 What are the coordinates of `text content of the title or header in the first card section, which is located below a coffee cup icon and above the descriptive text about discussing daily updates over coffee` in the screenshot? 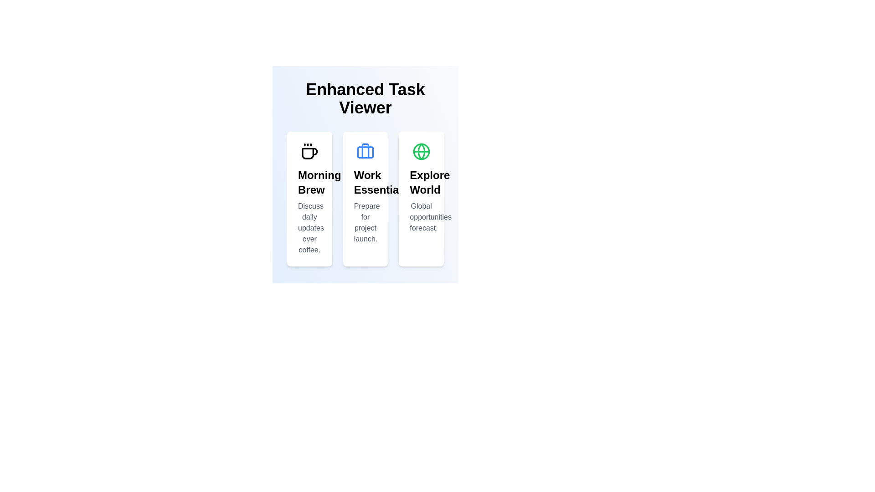 It's located at (309, 183).